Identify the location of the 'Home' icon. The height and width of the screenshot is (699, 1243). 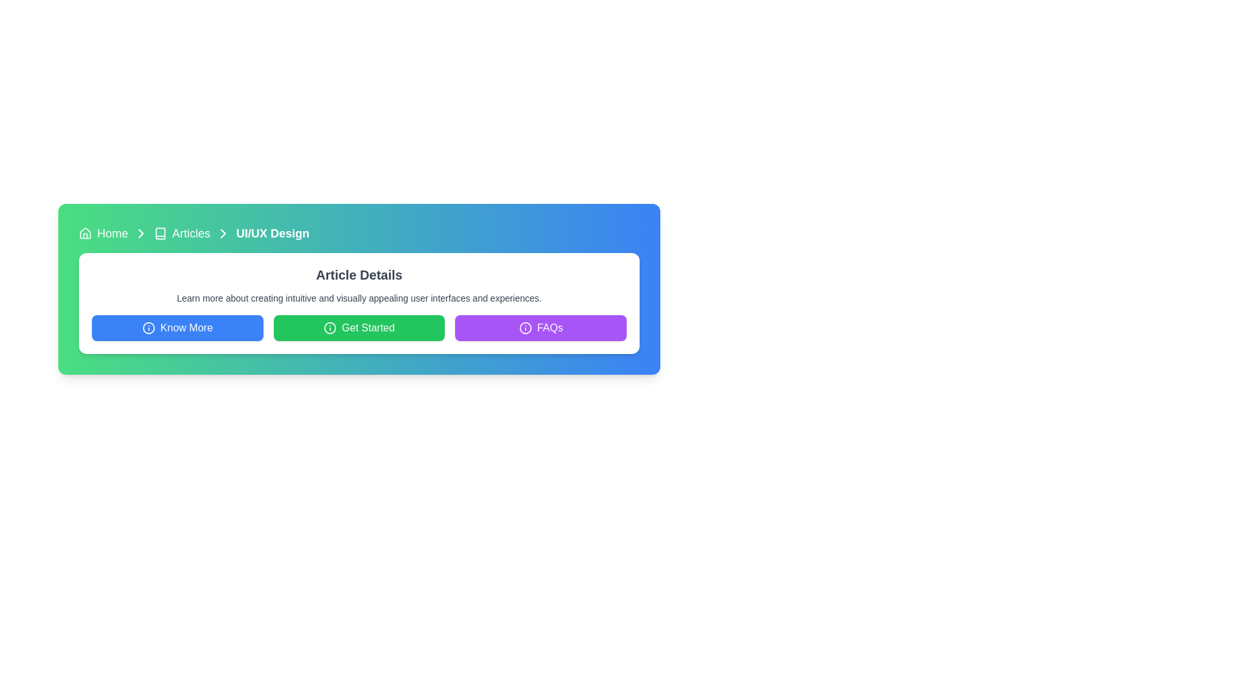
(85, 234).